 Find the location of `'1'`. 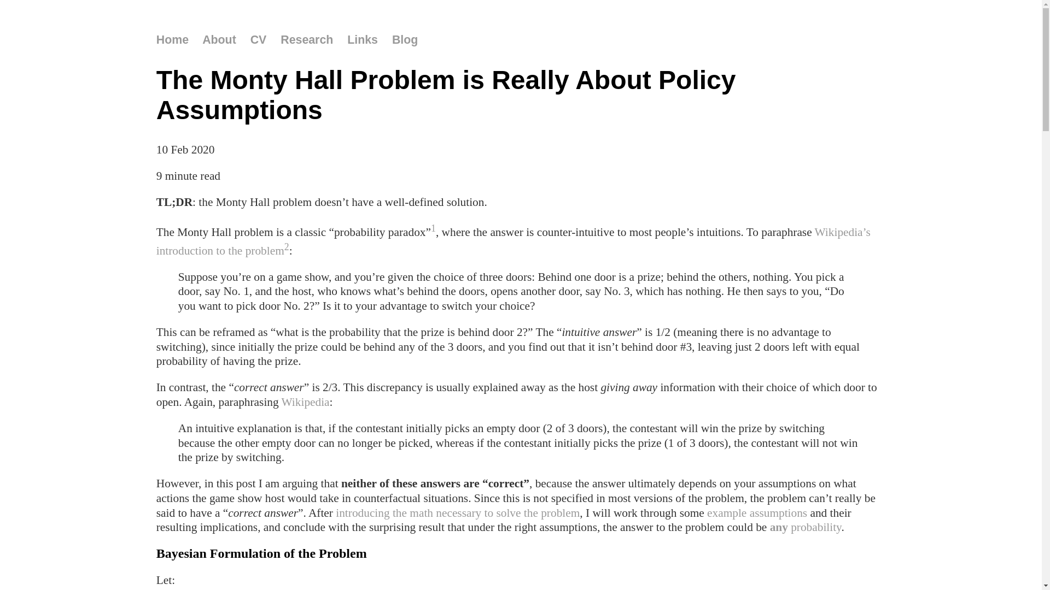

'1' is located at coordinates (433, 227).